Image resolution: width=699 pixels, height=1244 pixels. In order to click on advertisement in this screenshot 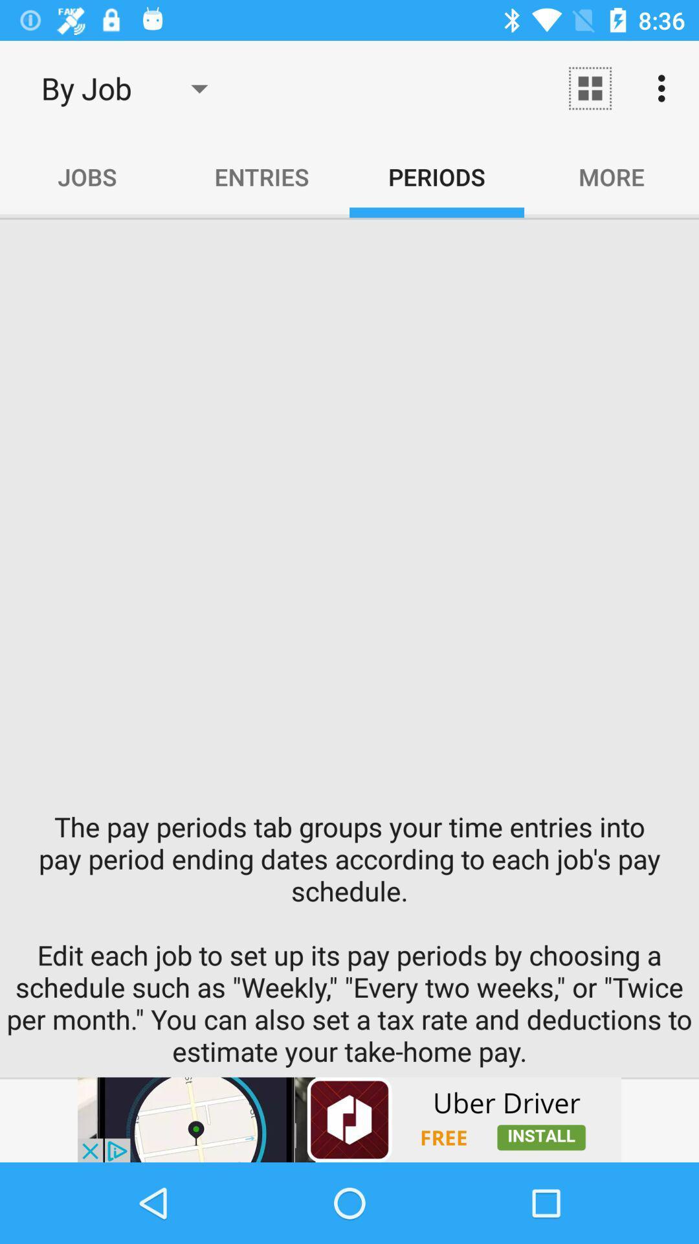, I will do `click(349, 1119)`.